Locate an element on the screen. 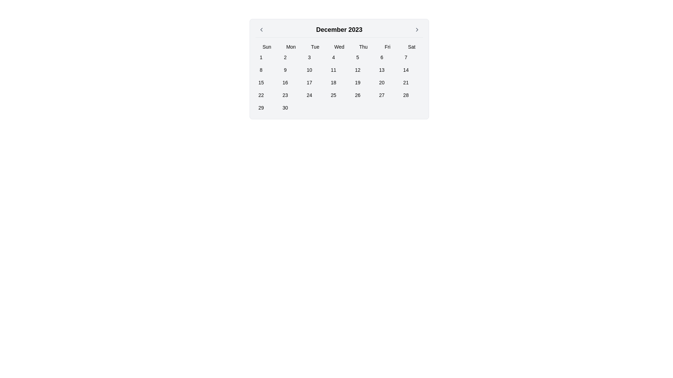  a specific day in the interactive calendar grid layout located under the 'December 2023' title is located at coordinates (339, 78).